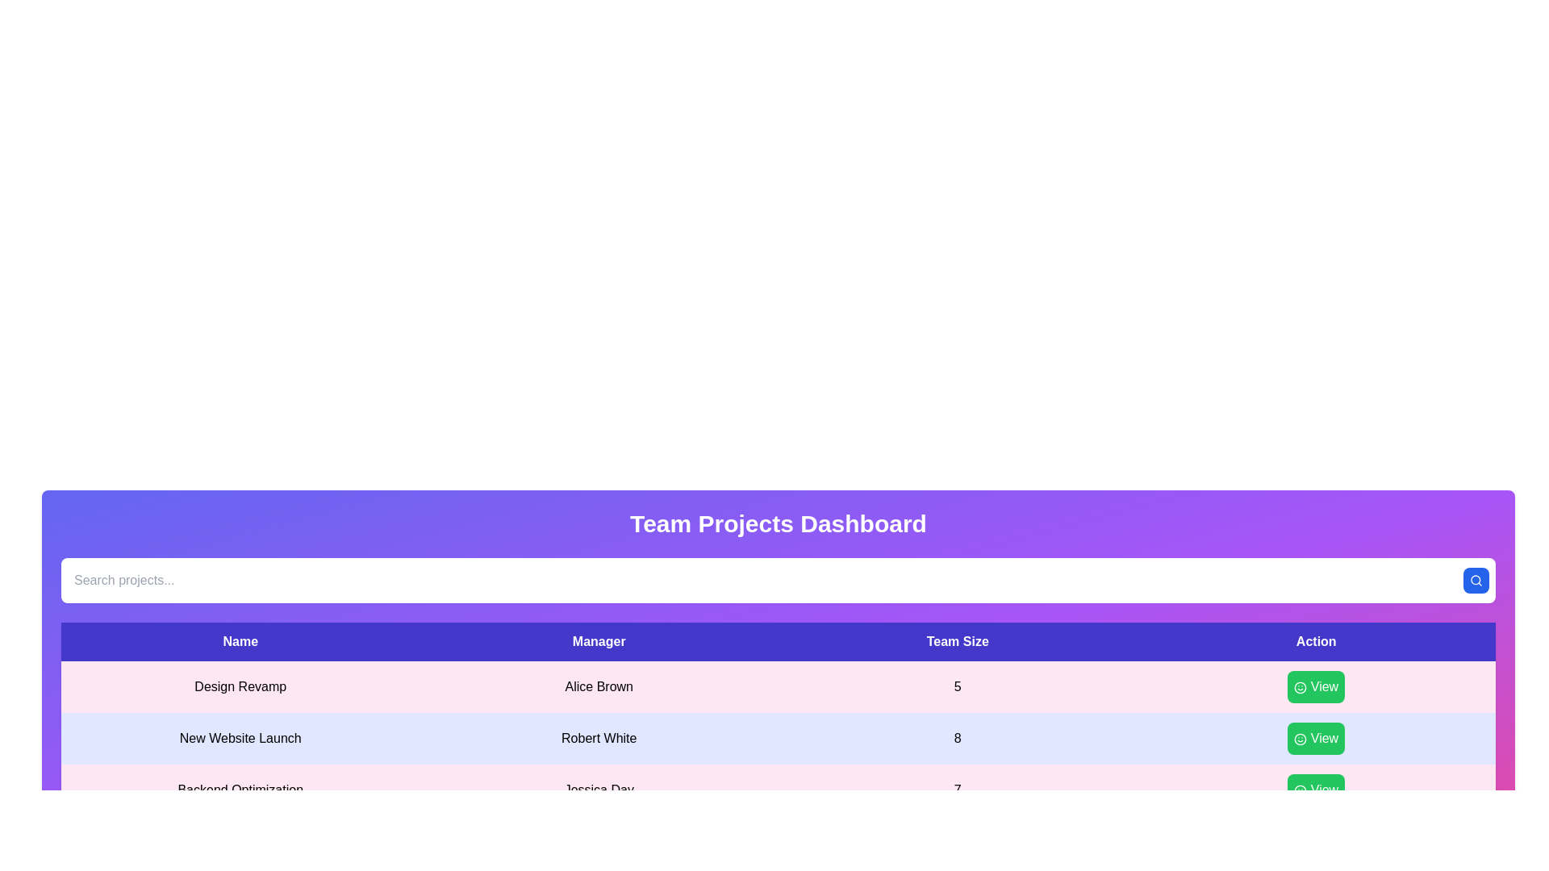 This screenshot has height=871, width=1549. I want to click on the text label with a strong purple background containing the centered white text 'Action' located in the top-right section of the data table header, so click(1316, 640).